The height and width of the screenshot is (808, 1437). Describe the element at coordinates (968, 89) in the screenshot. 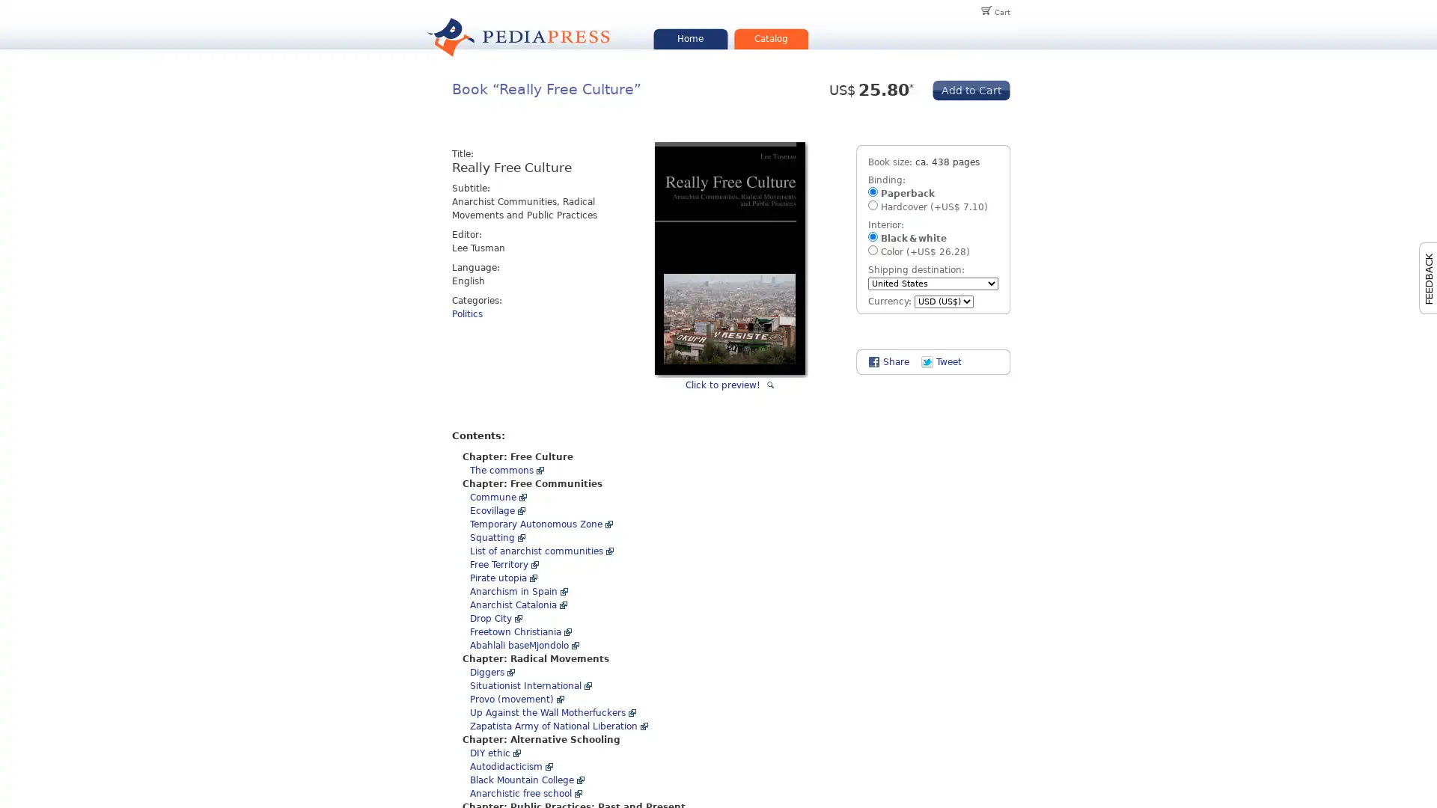

I see `Add to Cart` at that location.